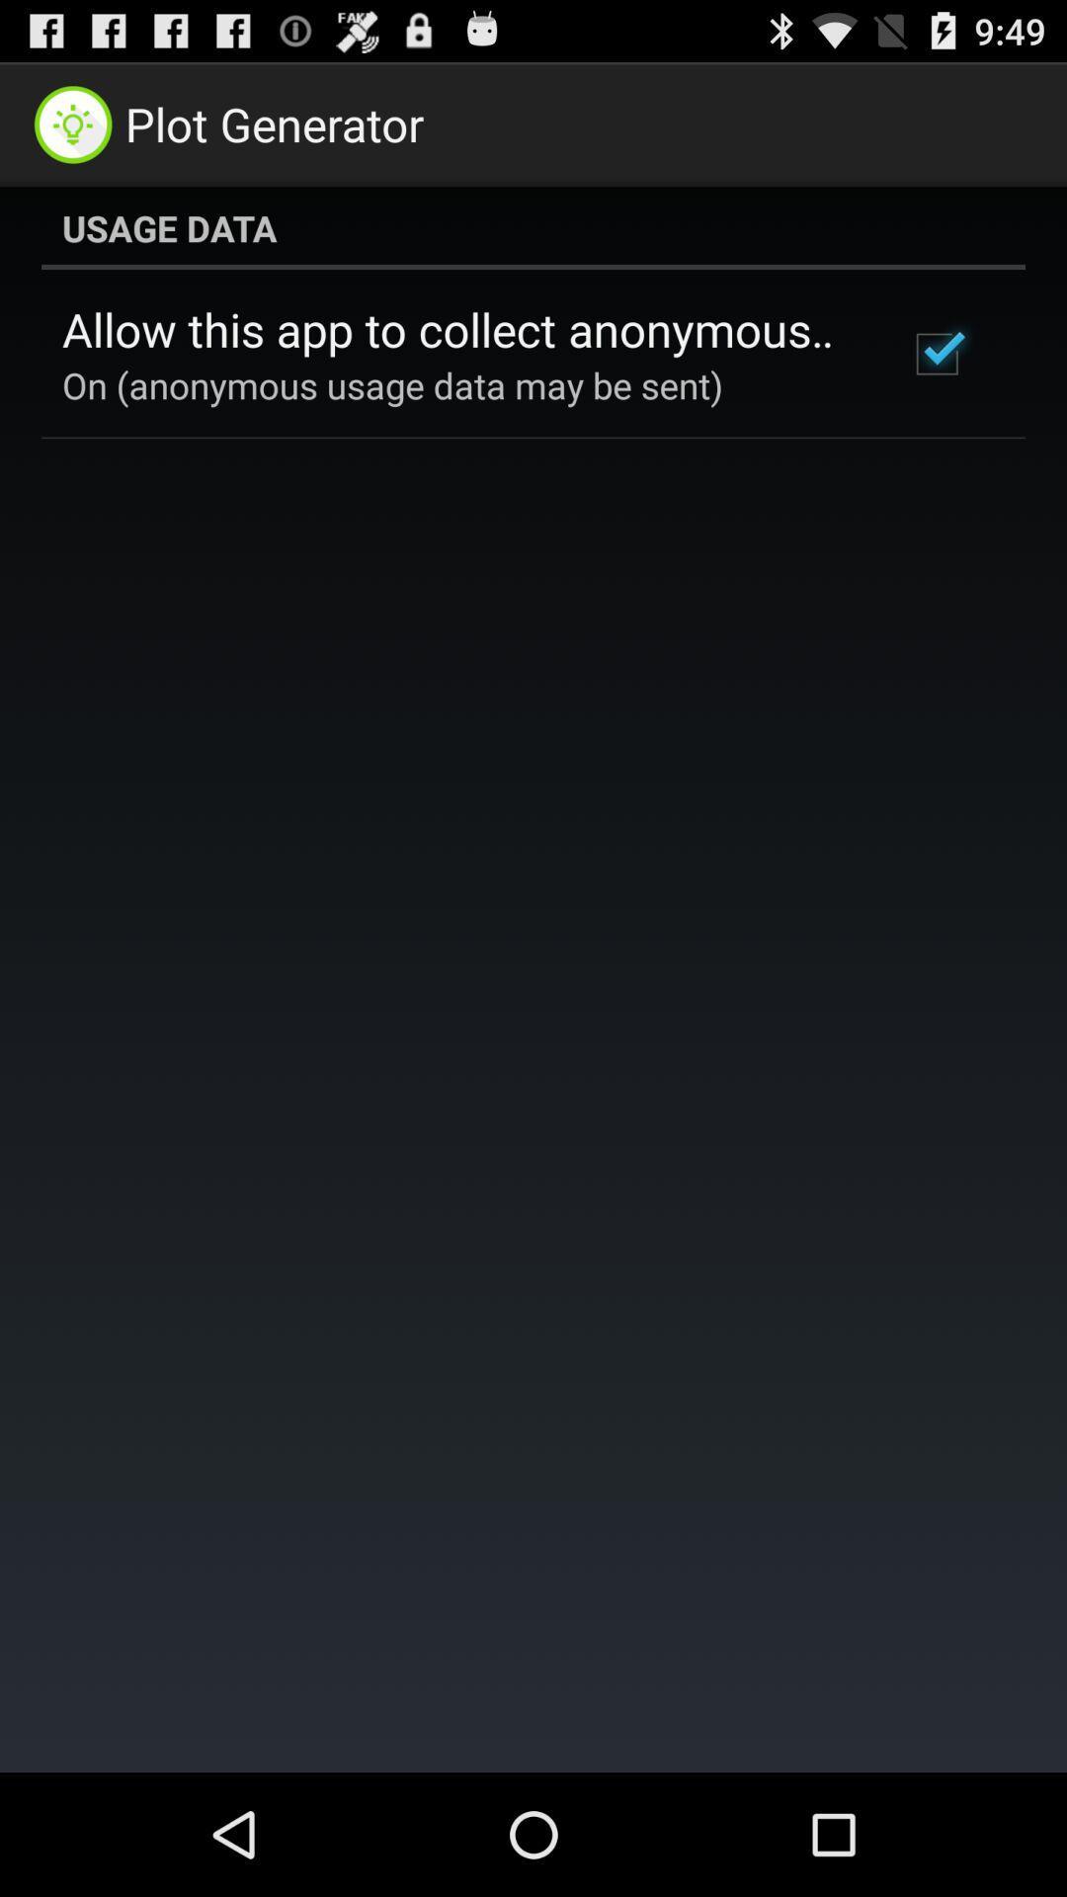 This screenshot has width=1067, height=1897. I want to click on allow this app, so click(457, 329).